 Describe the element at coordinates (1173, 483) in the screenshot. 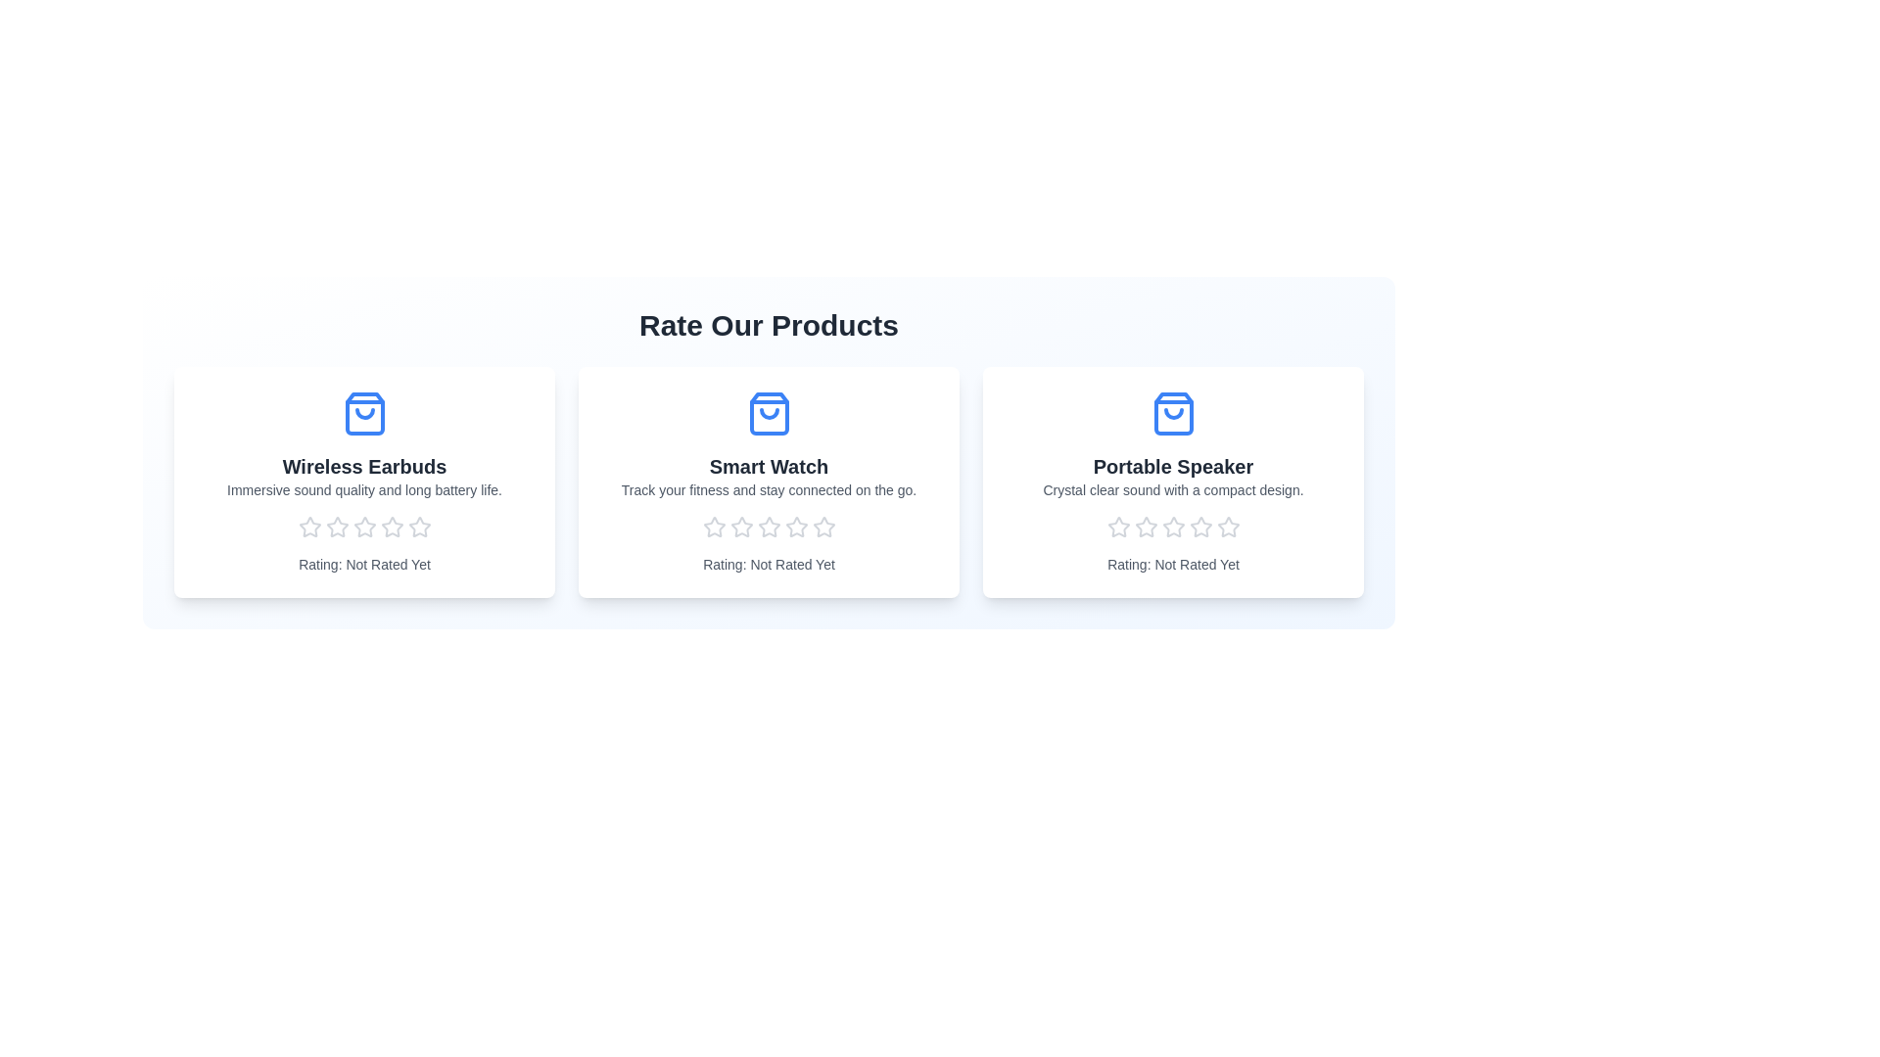

I see `the product card for Portable Speaker` at that location.